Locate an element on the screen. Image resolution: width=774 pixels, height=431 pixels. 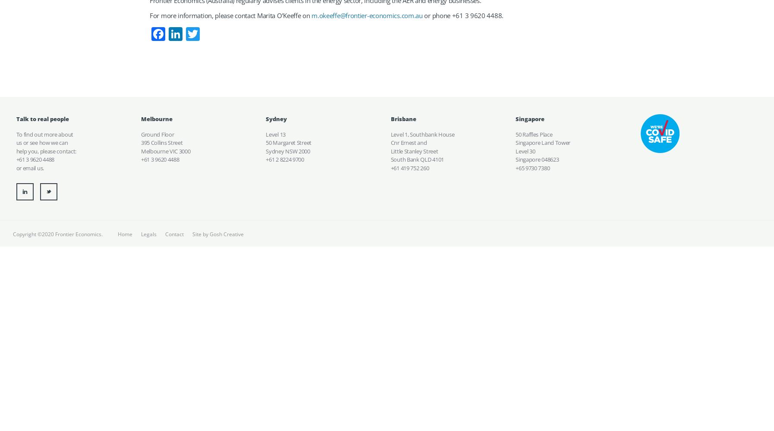
'50 Raffles Place' is located at coordinates (533, 134).